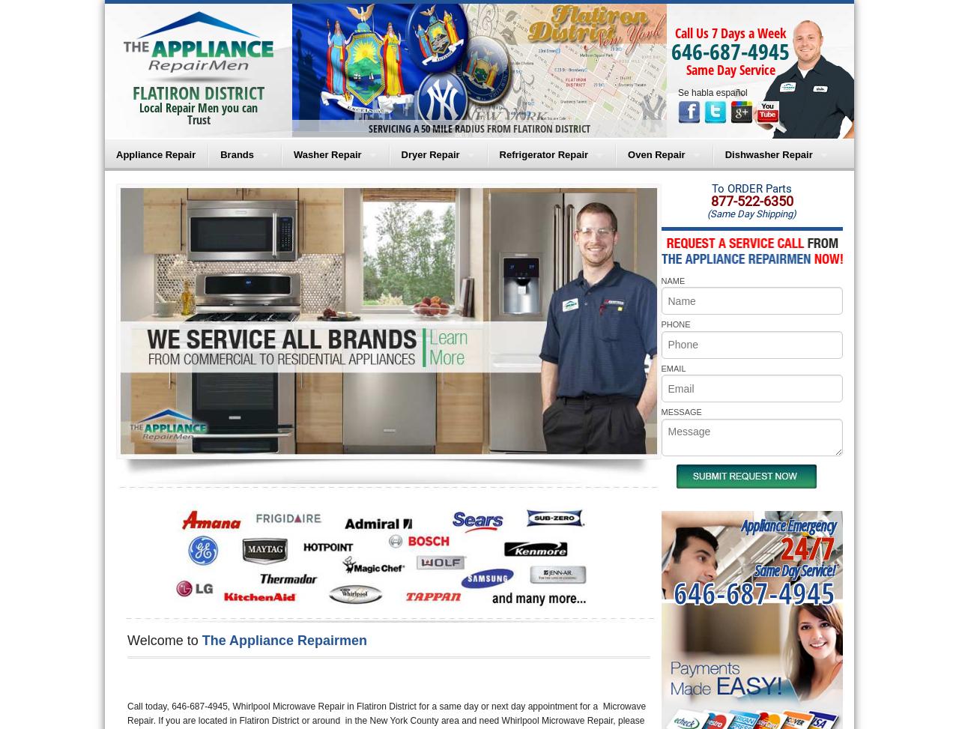 The height and width of the screenshot is (729, 959). Describe the element at coordinates (672, 279) in the screenshot. I see `'NAME'` at that location.